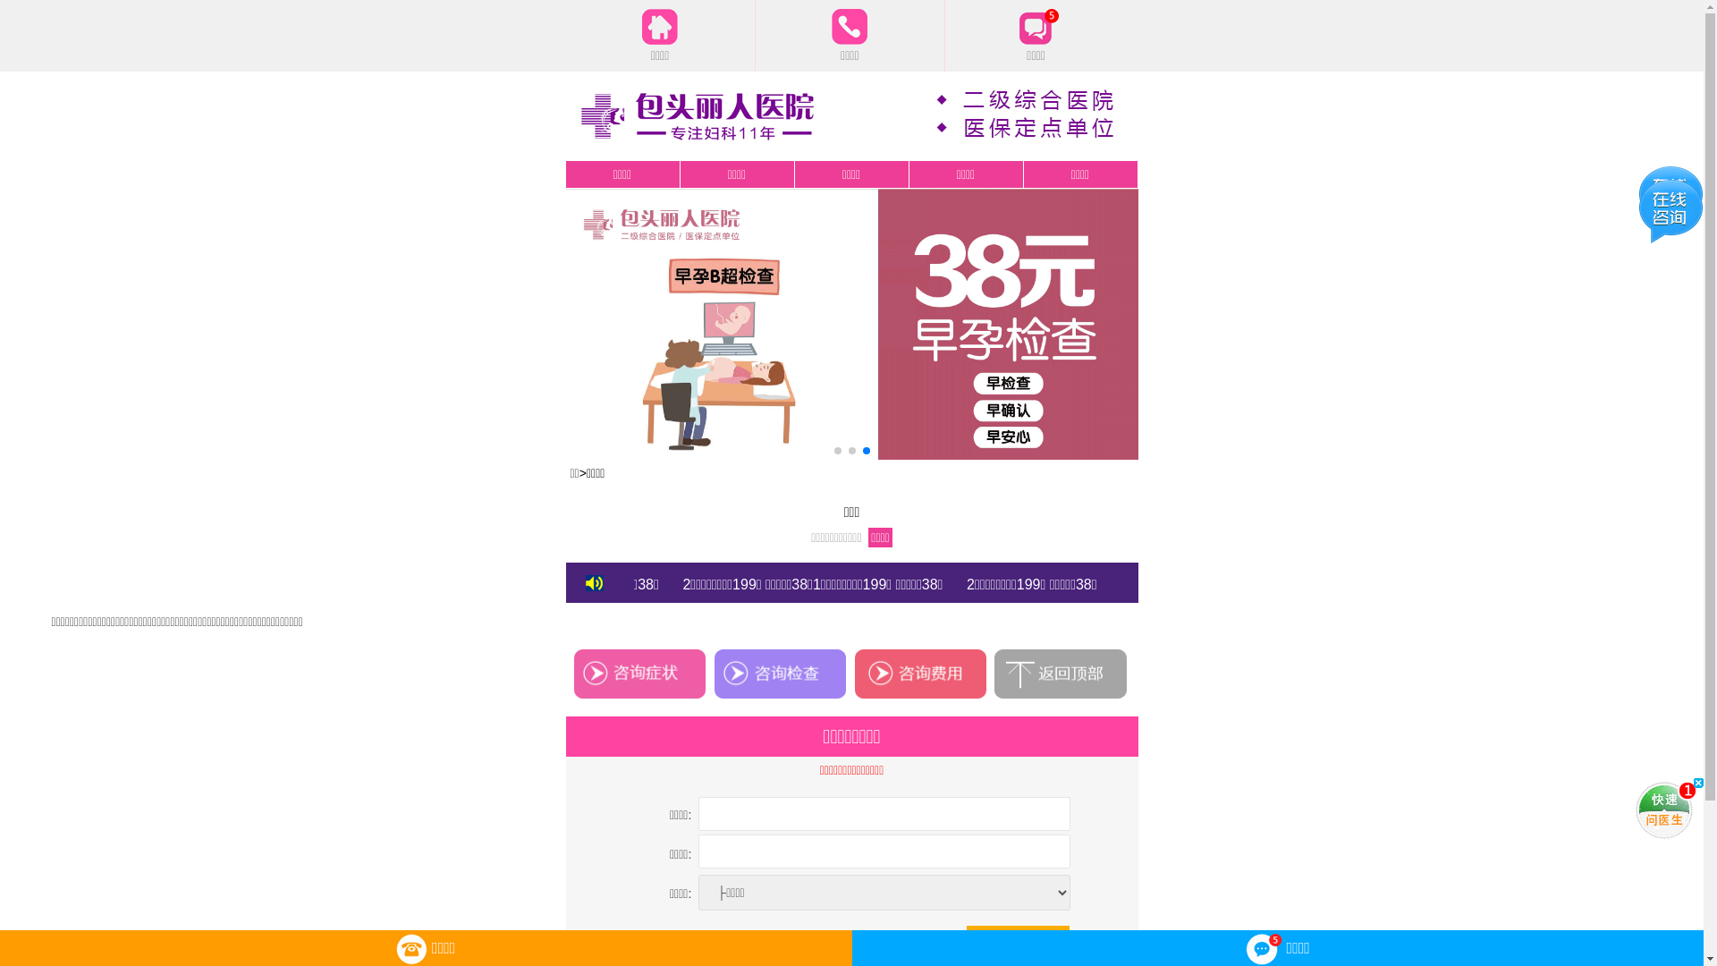 The width and height of the screenshot is (1717, 966). Describe the element at coordinates (818, 938) in the screenshot. I see `'checkbox'` at that location.